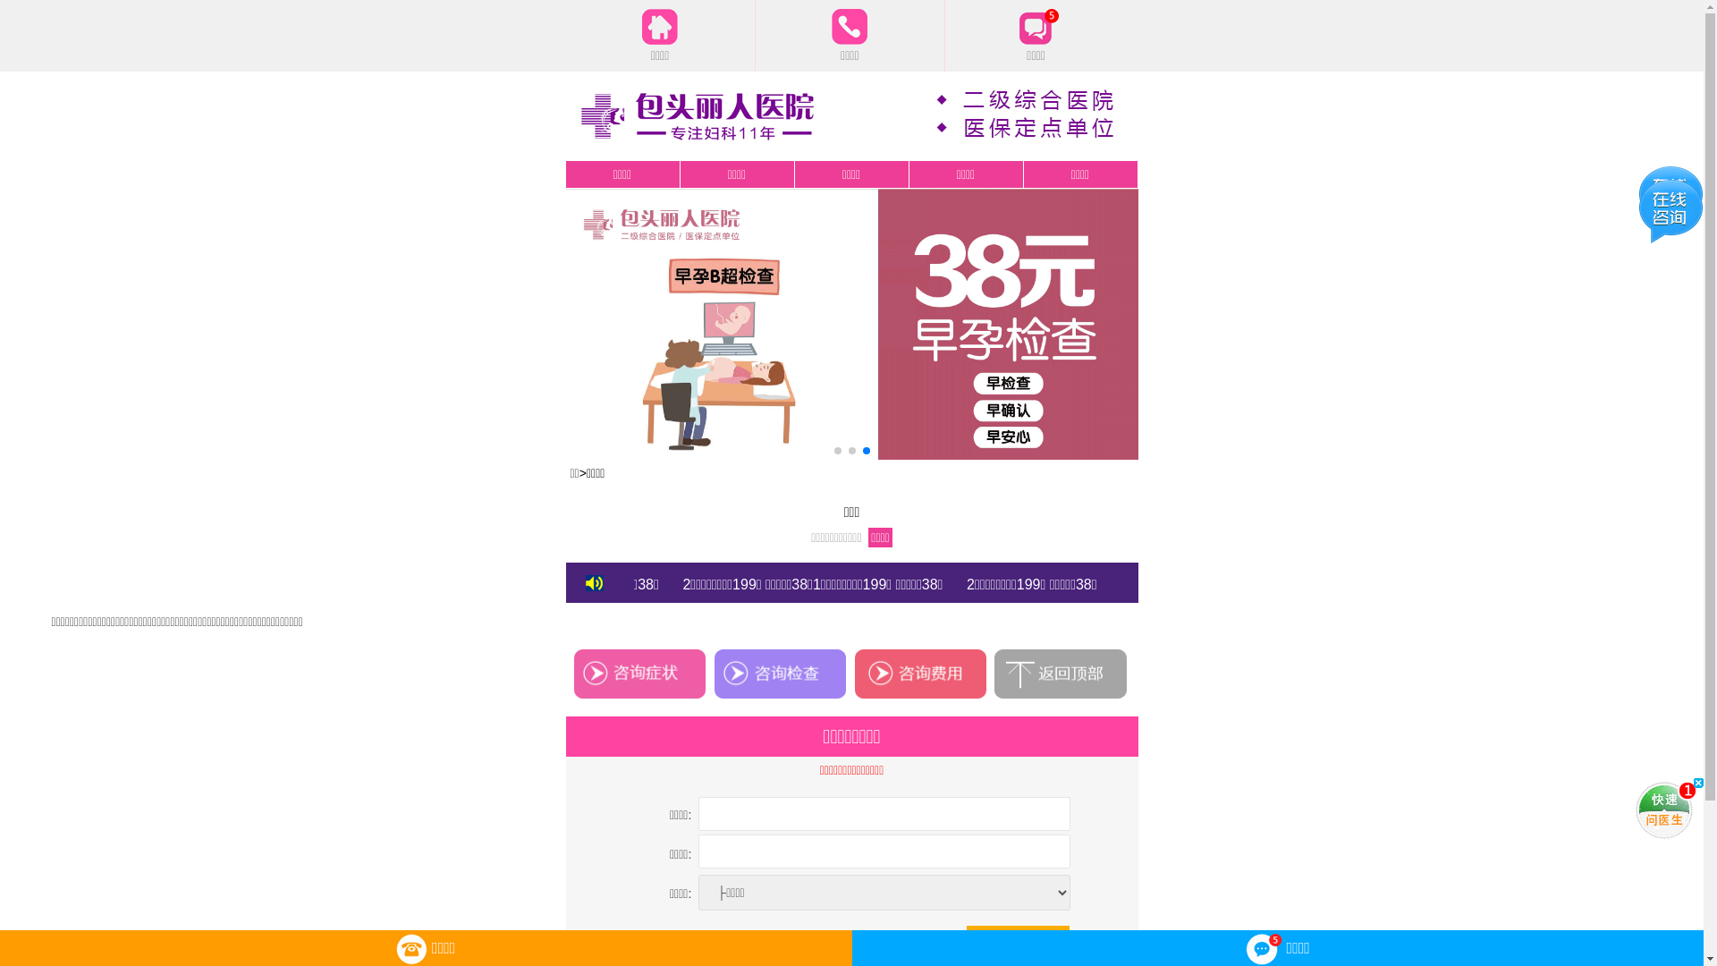 The width and height of the screenshot is (1717, 966). Describe the element at coordinates (818, 938) in the screenshot. I see `'checkbox'` at that location.